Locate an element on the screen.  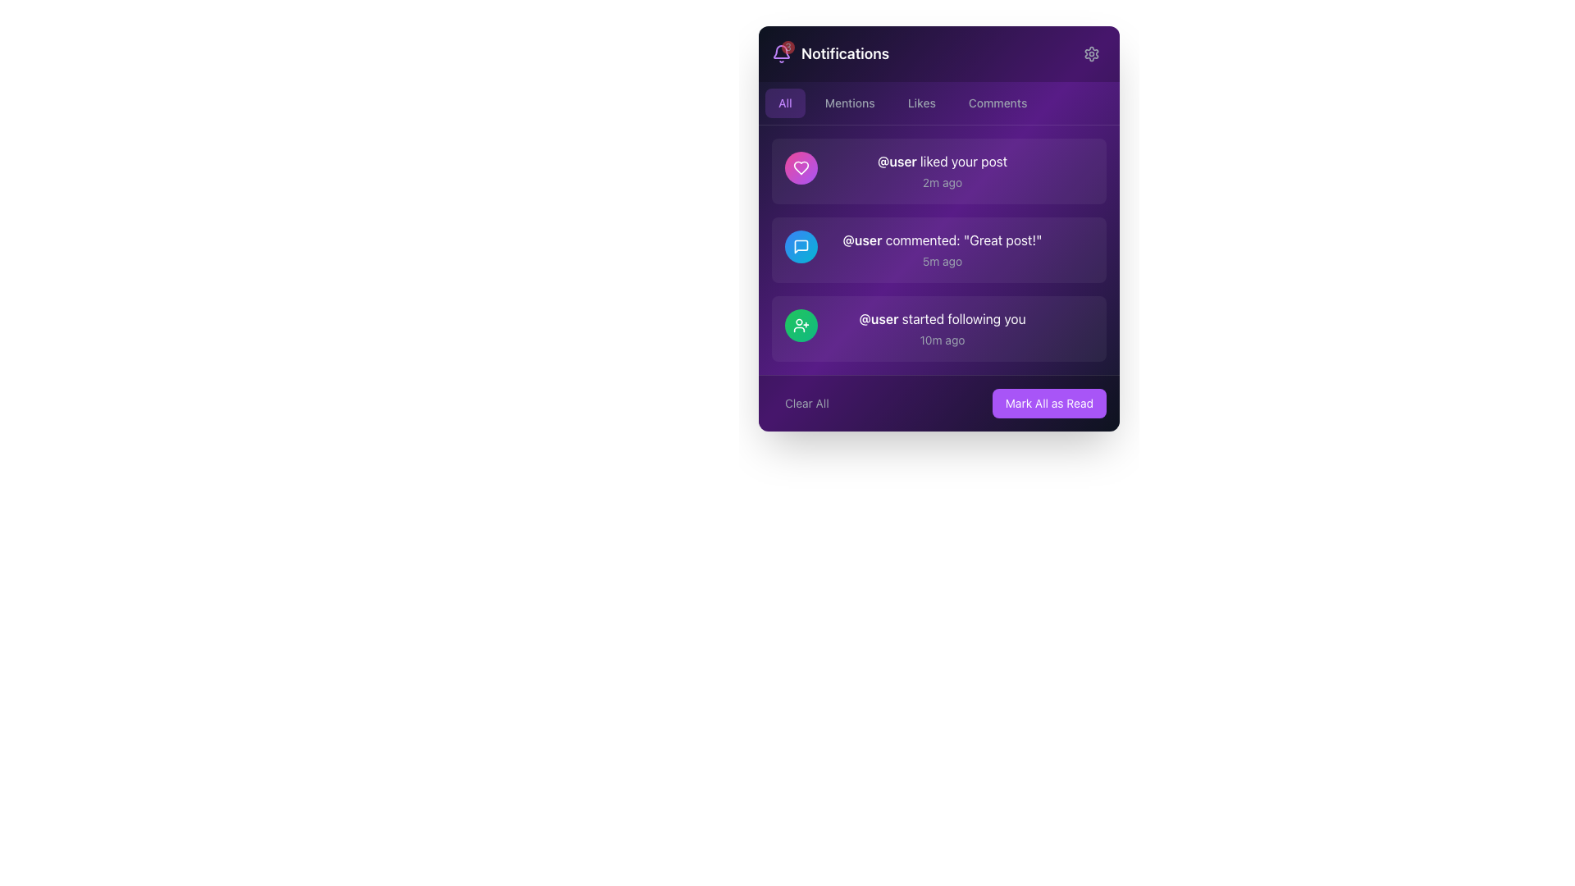
the circular green gradient icon with a white plus-shaped user icon, located on the far left side of the notification row that mentions '@user started following you' is located at coordinates (801, 326).